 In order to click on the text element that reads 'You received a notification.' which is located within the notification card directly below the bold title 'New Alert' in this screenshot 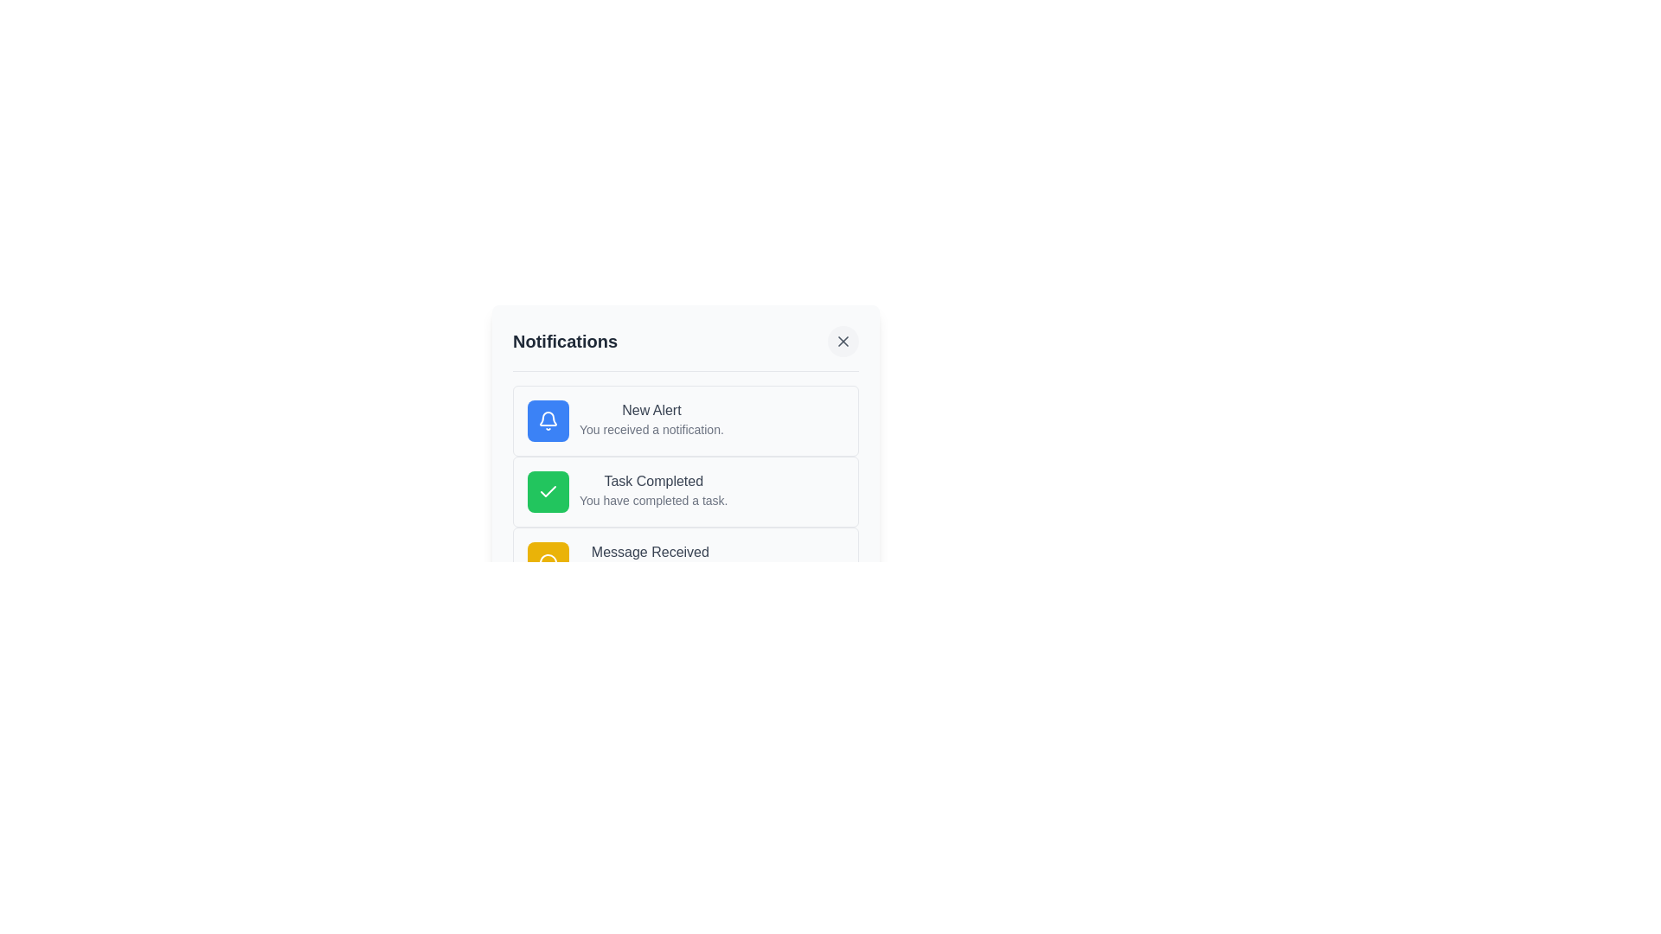, I will do `click(651, 429)`.